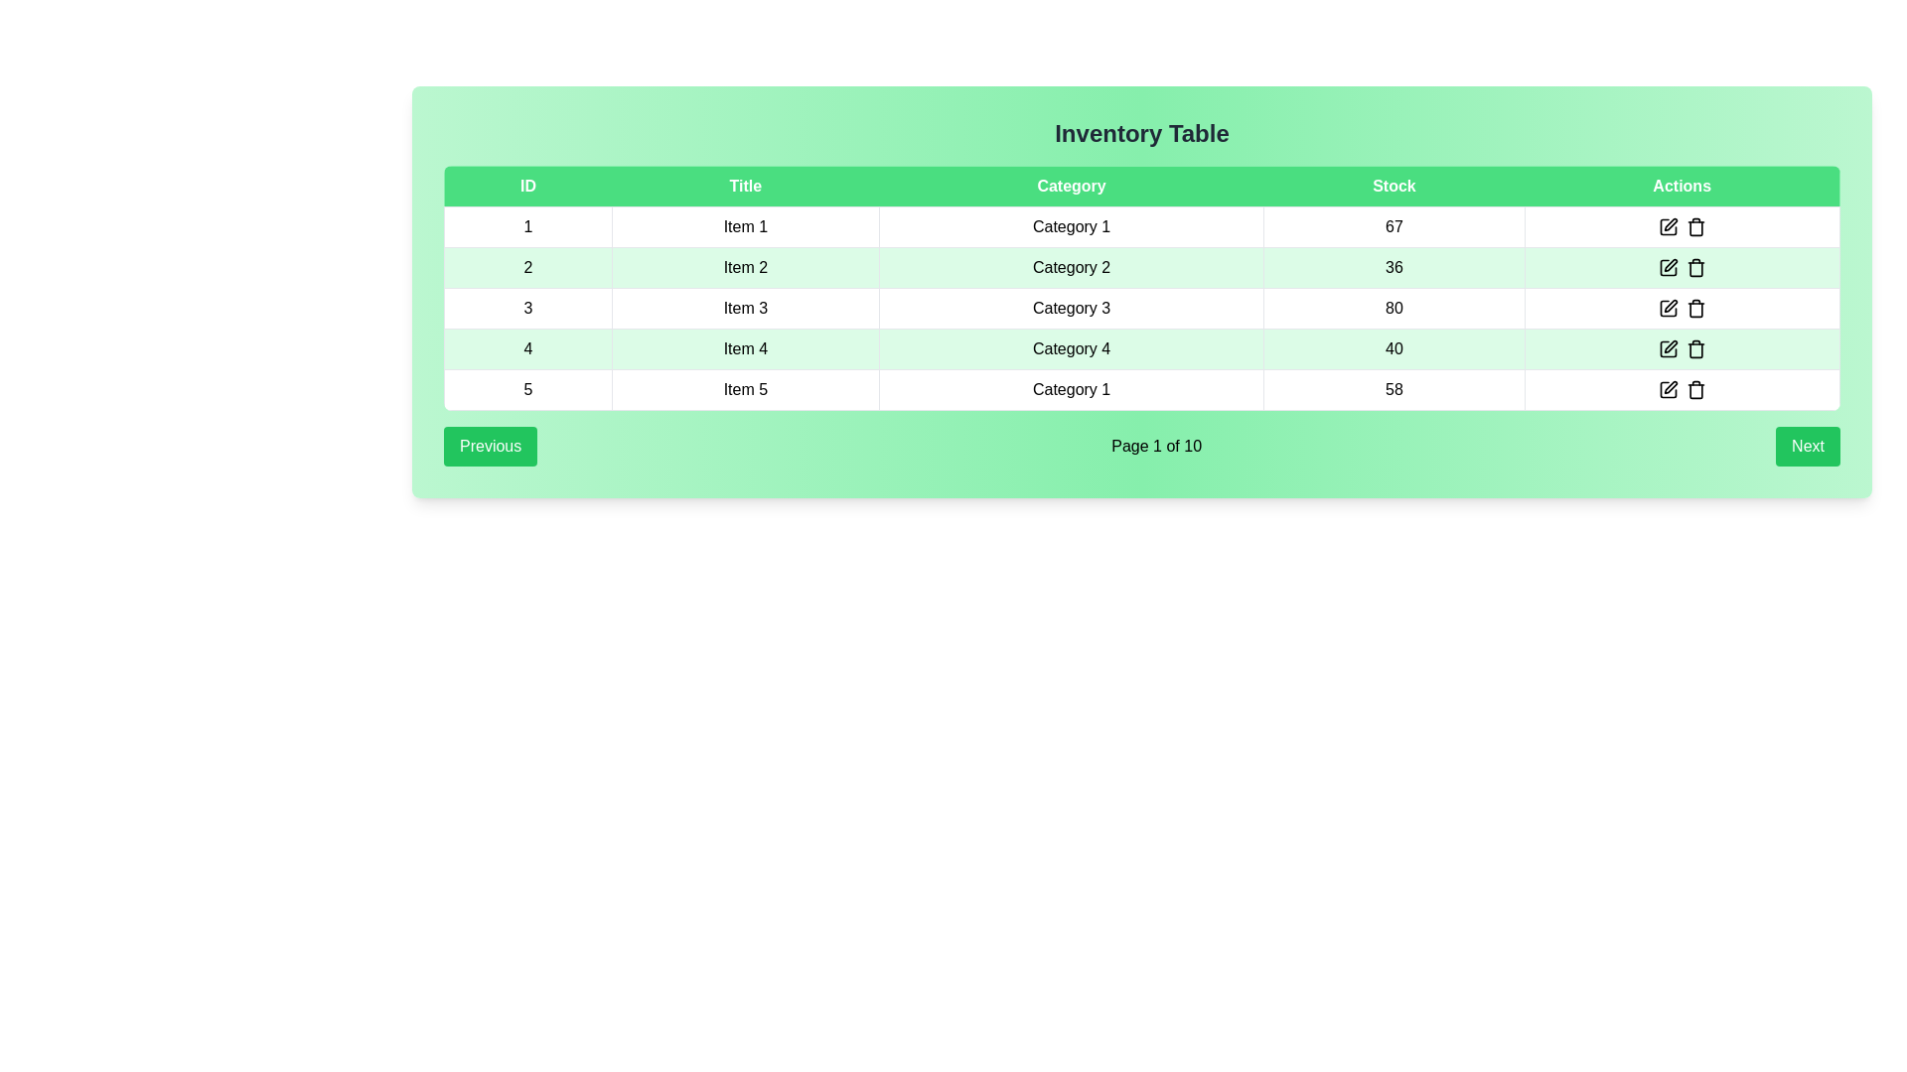  Describe the element at coordinates (1669, 347) in the screenshot. I see `the edit icon located in the 'Actions' column of the fourth row in the table interface` at that location.